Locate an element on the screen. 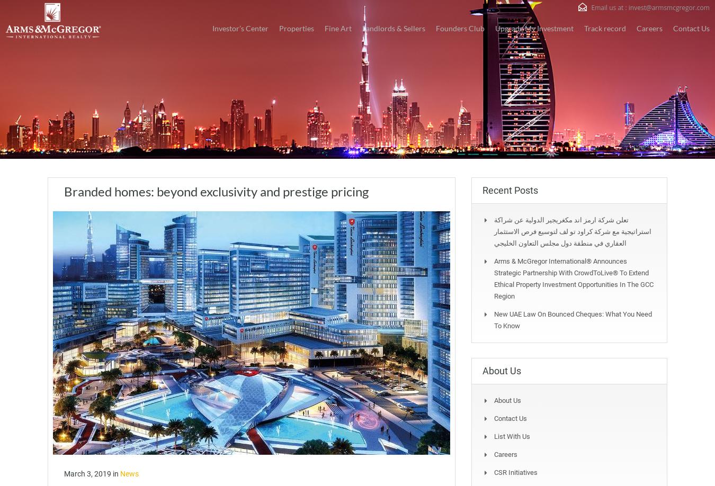 This screenshot has height=486, width=715. 'in' is located at coordinates (117, 473).